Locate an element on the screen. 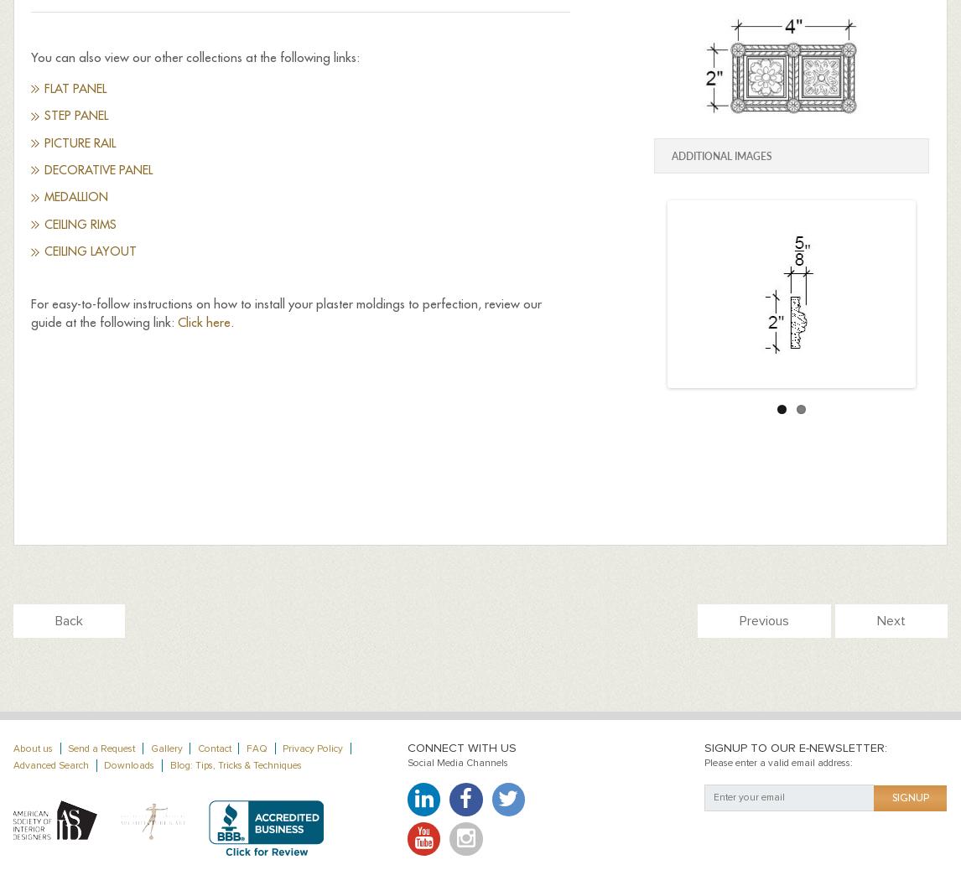  'Click here' is located at coordinates (178, 323).